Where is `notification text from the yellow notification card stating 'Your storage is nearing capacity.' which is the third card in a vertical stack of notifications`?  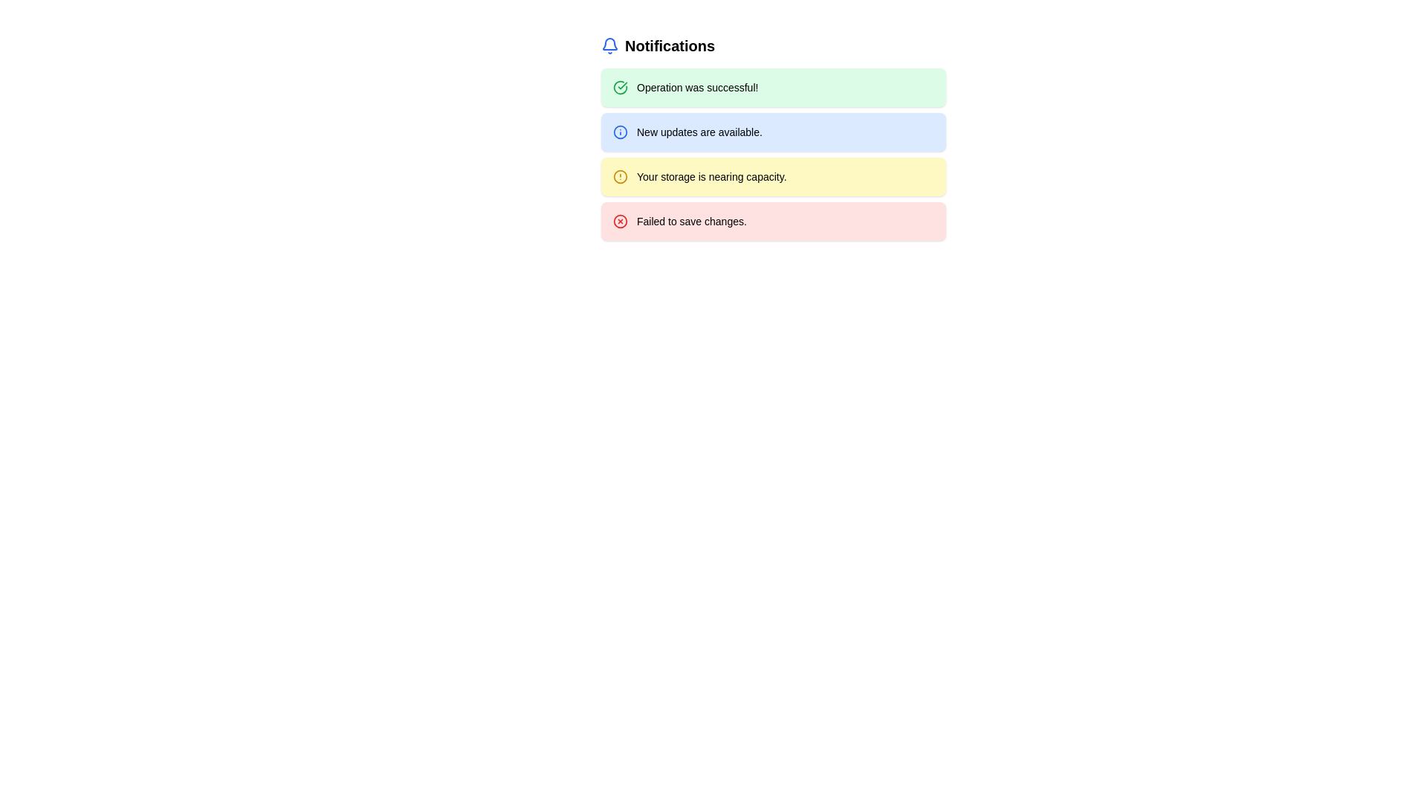
notification text from the yellow notification card stating 'Your storage is nearing capacity.' which is the third card in a vertical stack of notifications is located at coordinates (773, 176).